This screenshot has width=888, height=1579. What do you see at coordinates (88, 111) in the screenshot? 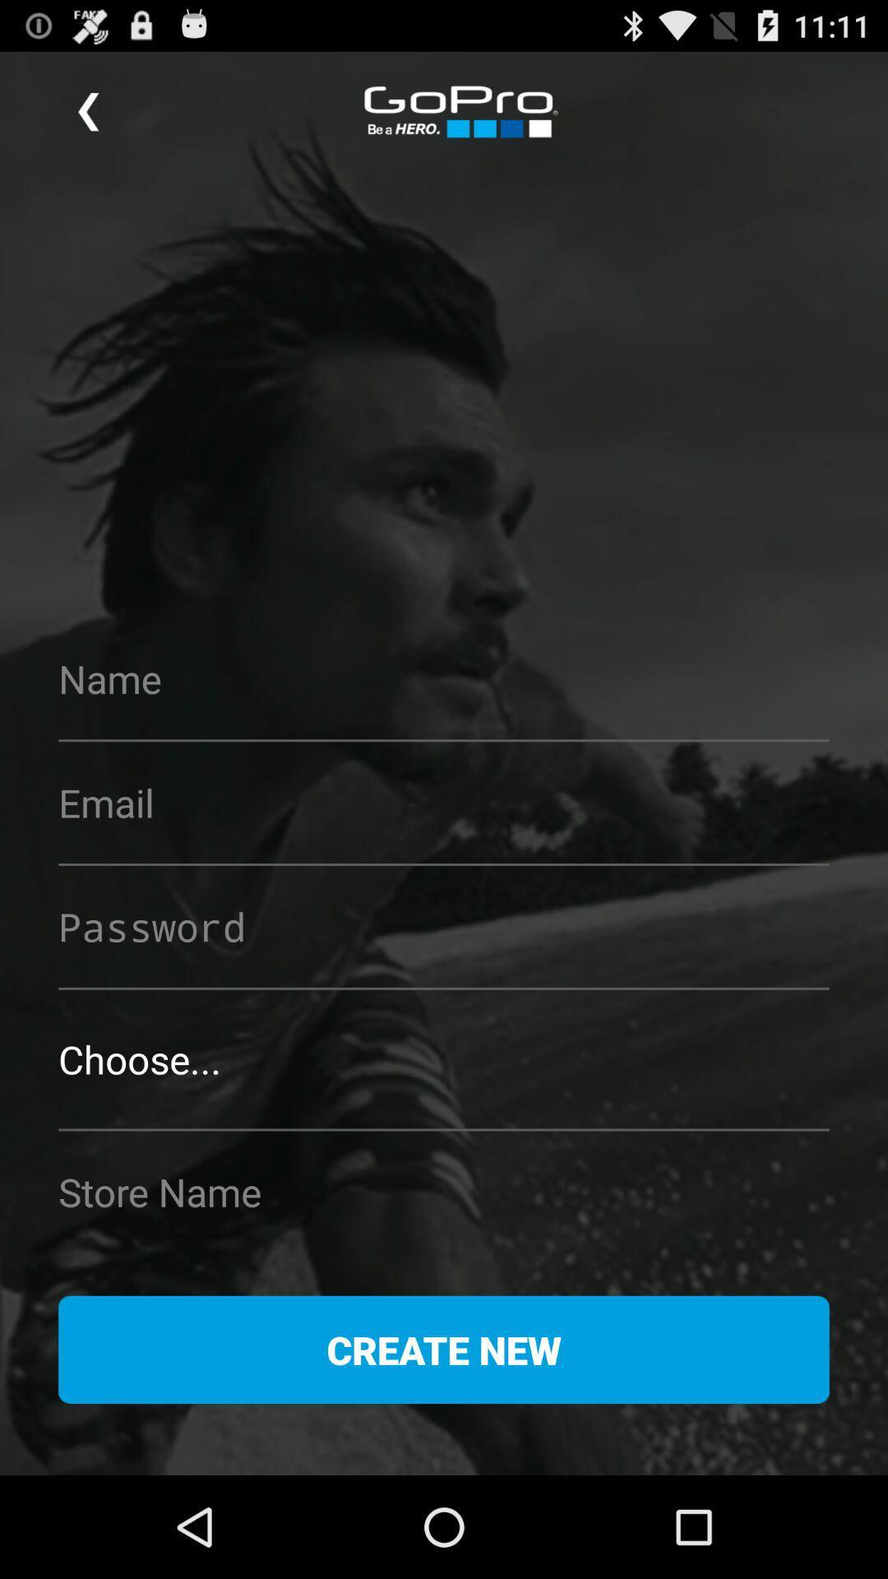
I see `undo` at bounding box center [88, 111].